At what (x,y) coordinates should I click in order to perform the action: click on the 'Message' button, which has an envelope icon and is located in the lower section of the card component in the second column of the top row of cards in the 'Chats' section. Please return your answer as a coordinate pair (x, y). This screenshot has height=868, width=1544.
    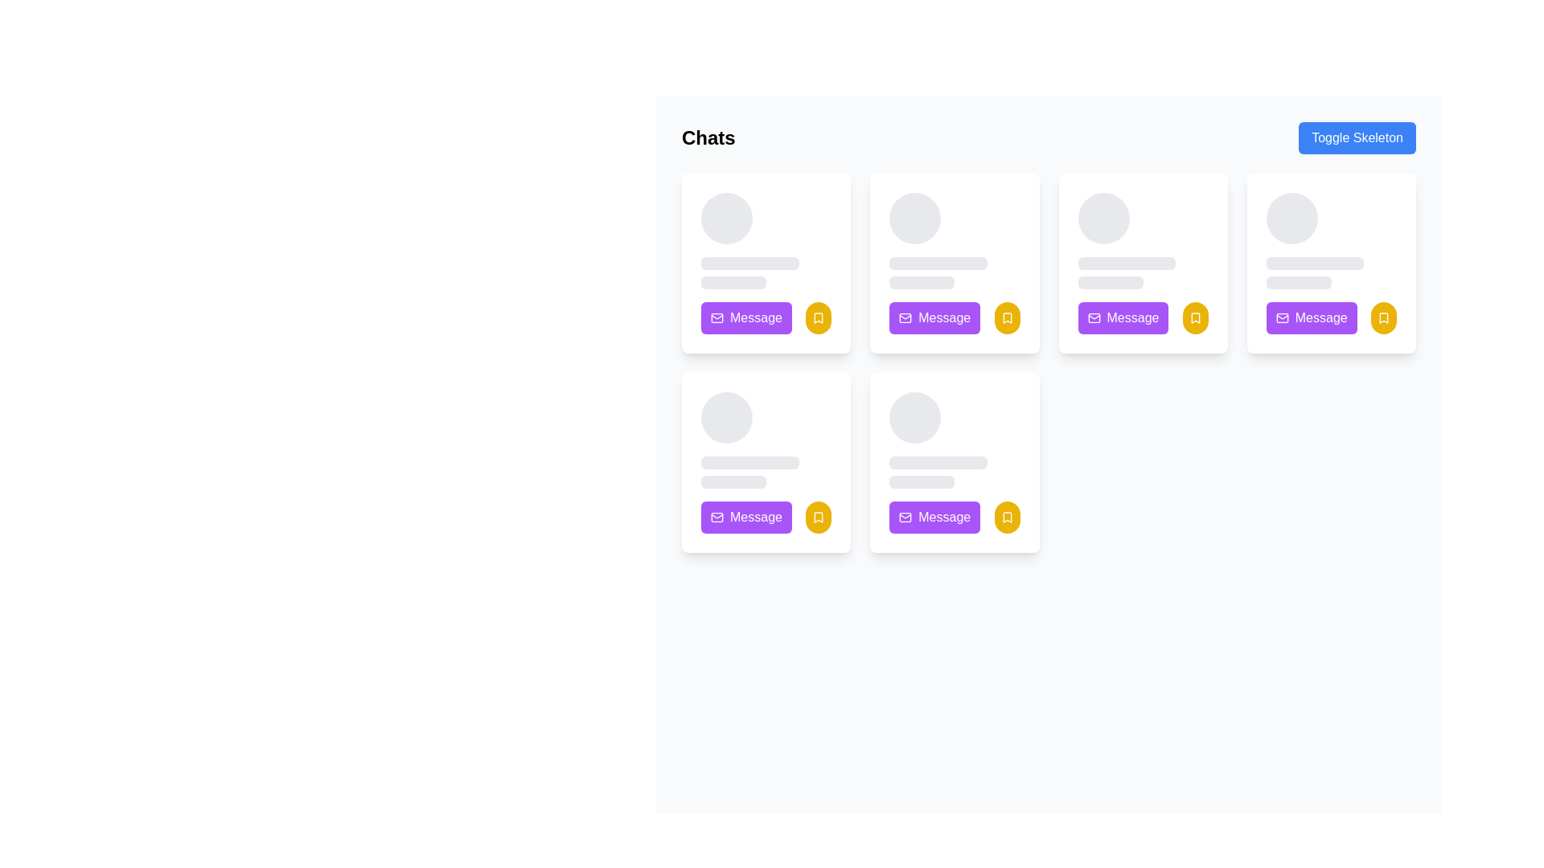
    Looking at the image, I should click on (955, 318).